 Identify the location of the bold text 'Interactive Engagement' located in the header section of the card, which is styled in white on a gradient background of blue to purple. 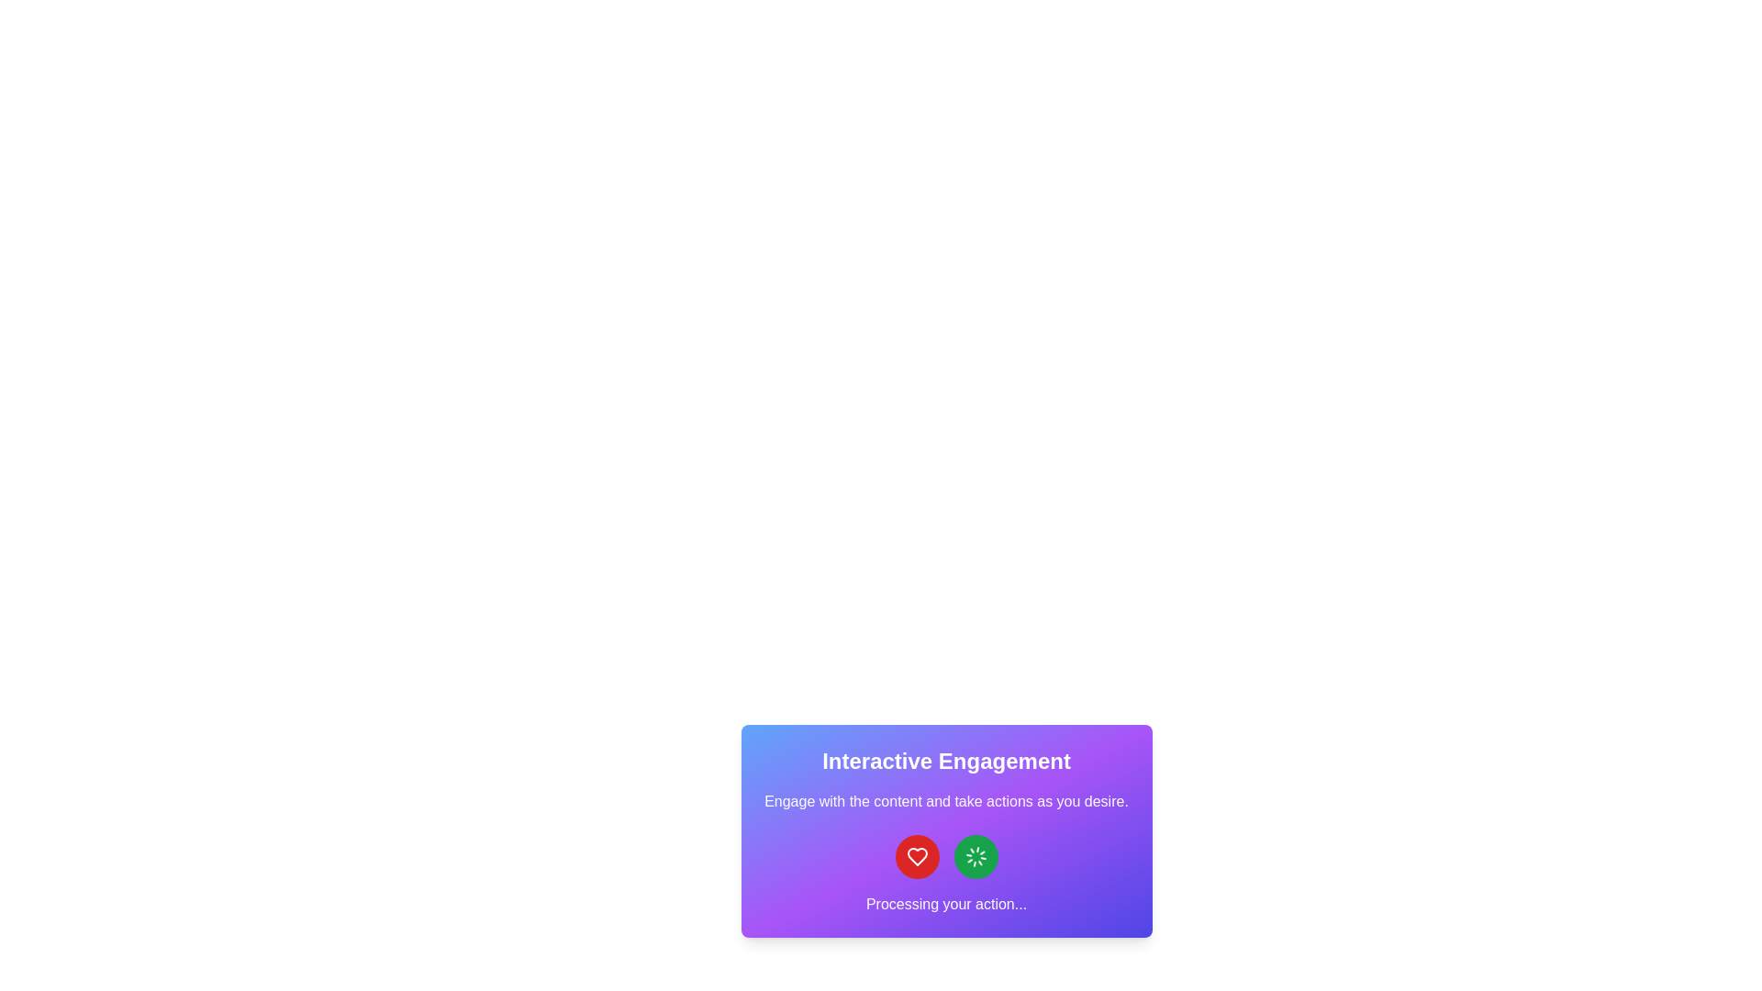
(946, 761).